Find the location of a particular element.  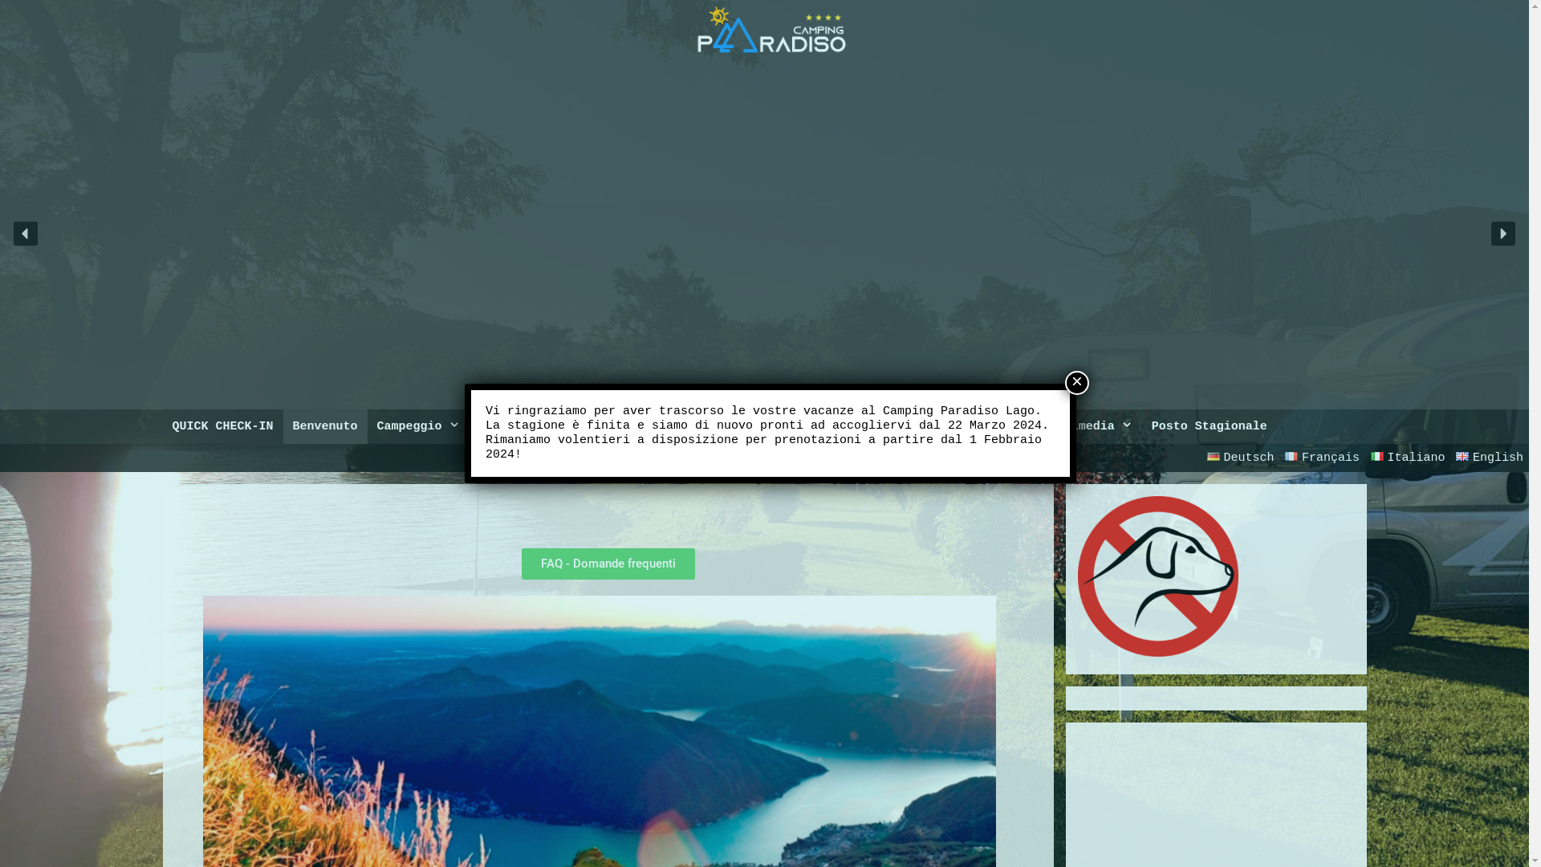

'QUICK CHECK-IN' is located at coordinates (222, 425).